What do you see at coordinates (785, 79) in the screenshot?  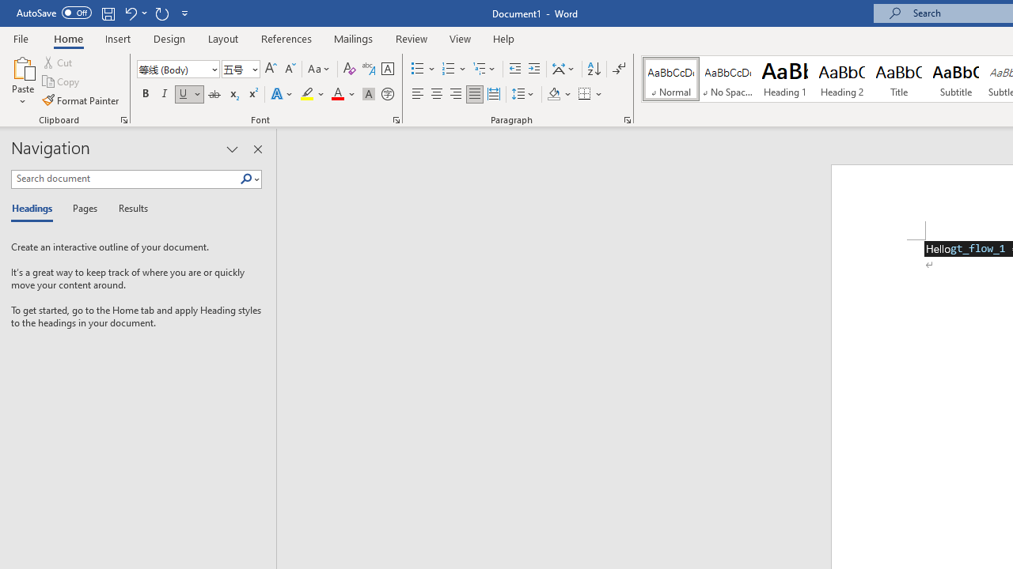 I see `'Heading 1'` at bounding box center [785, 79].